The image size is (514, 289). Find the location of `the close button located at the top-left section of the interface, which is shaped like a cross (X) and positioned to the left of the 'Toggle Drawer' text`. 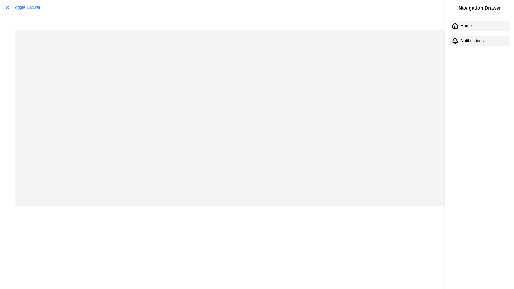

the close button located at the top-left section of the interface, which is shaped like a cross (X) and positioned to the left of the 'Toggle Drawer' text is located at coordinates (7, 7).